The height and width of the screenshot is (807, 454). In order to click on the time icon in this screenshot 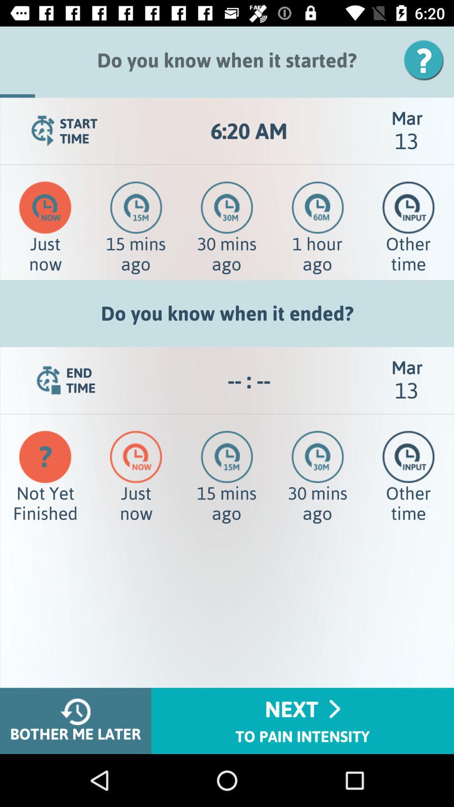, I will do `click(226, 207)`.